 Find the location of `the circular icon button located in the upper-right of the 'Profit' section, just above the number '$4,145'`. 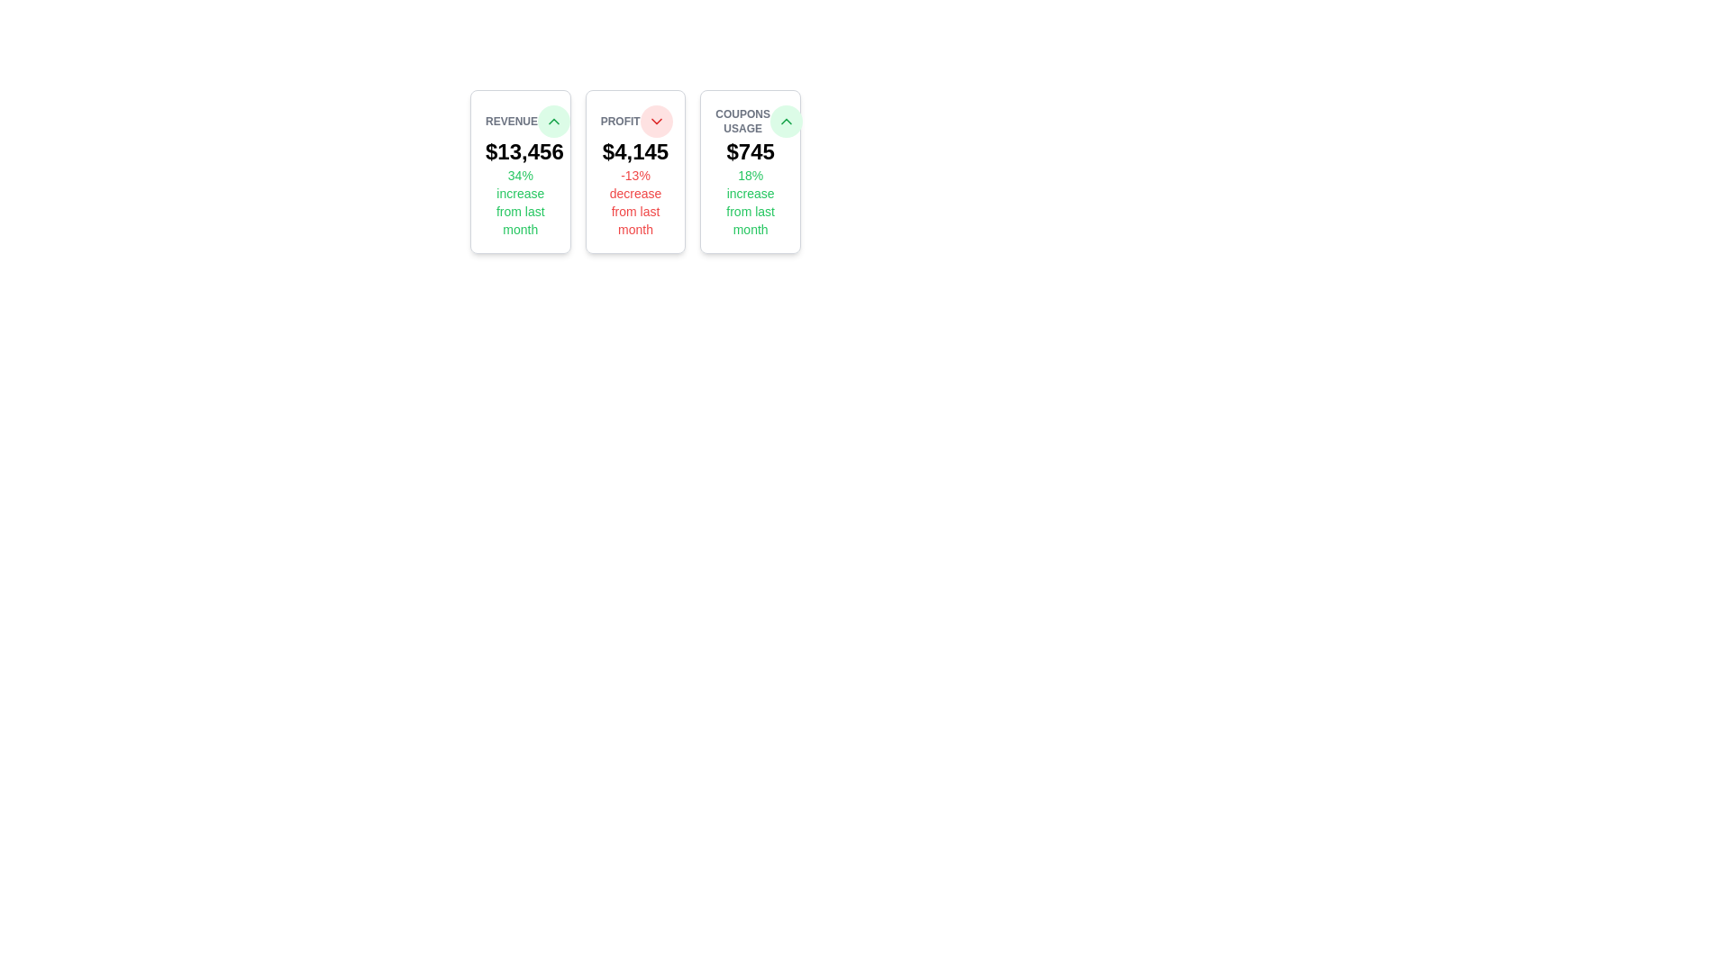

the circular icon button located in the upper-right of the 'Profit' section, just above the number '$4,145' is located at coordinates (655, 122).